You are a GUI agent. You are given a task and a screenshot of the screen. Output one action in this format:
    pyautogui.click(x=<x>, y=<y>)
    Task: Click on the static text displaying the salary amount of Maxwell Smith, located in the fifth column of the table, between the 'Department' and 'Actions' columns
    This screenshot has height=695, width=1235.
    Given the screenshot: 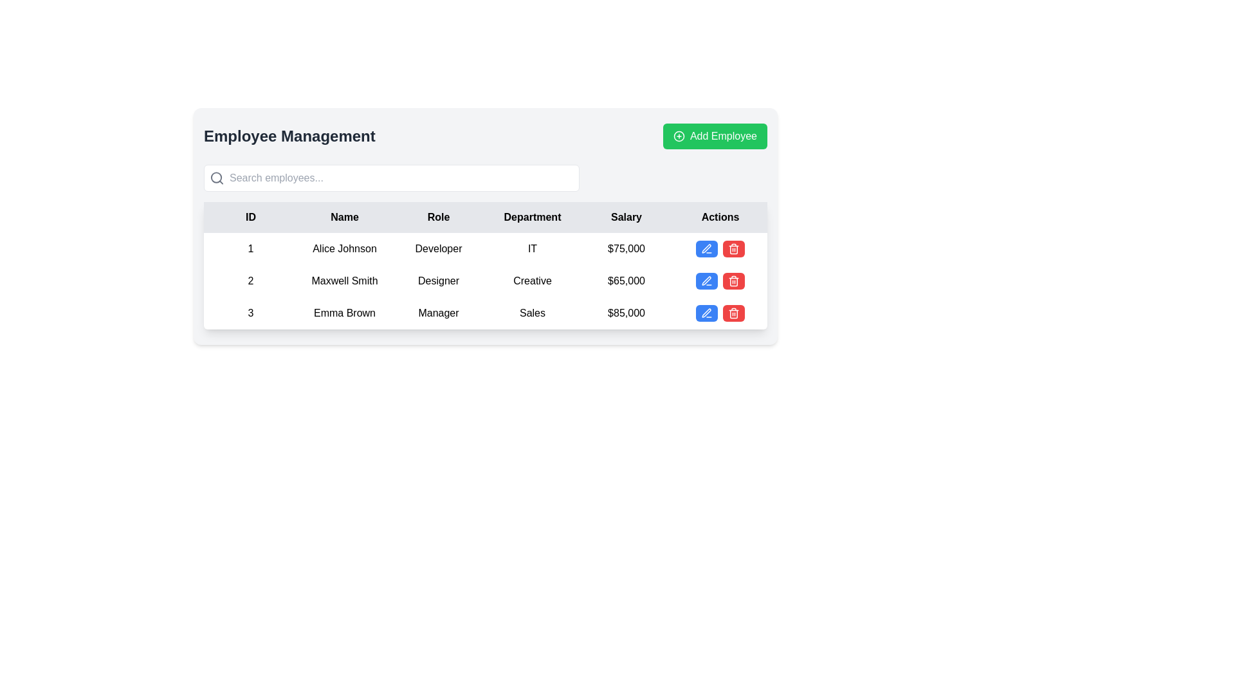 What is the action you would take?
    pyautogui.click(x=627, y=280)
    